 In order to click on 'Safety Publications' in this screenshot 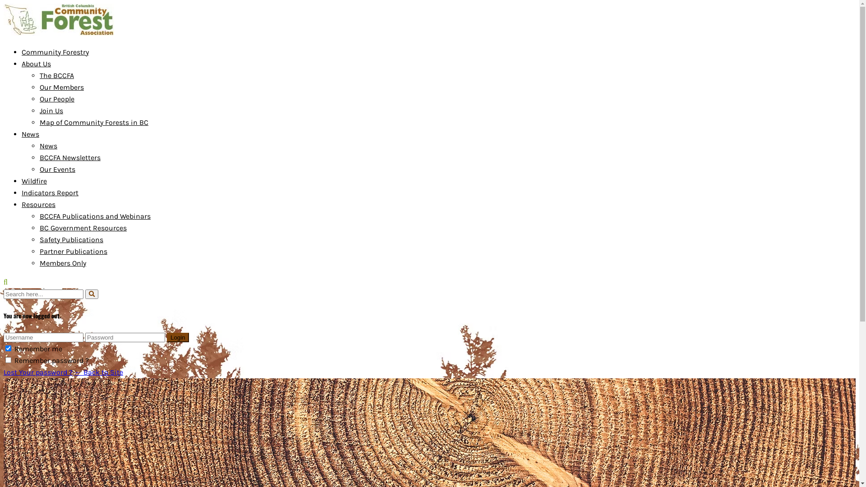, I will do `click(71, 239)`.